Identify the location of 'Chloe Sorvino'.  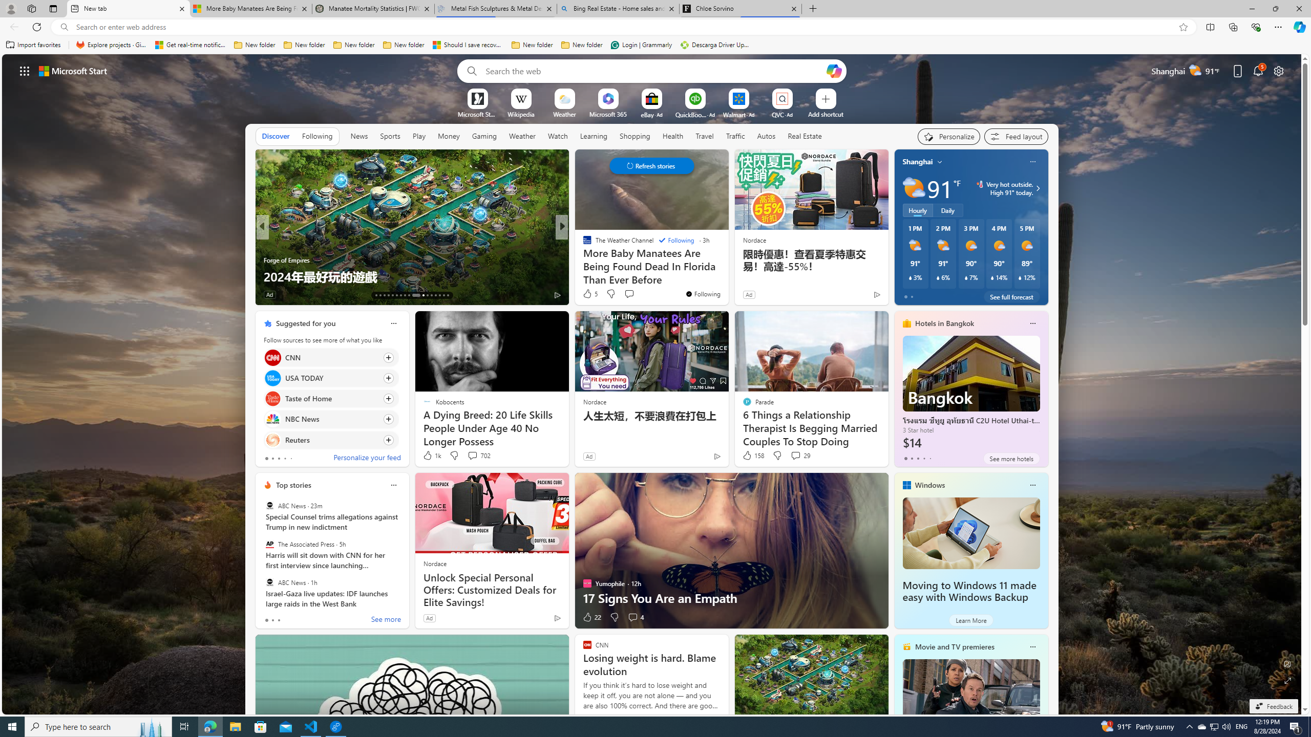
(741, 8).